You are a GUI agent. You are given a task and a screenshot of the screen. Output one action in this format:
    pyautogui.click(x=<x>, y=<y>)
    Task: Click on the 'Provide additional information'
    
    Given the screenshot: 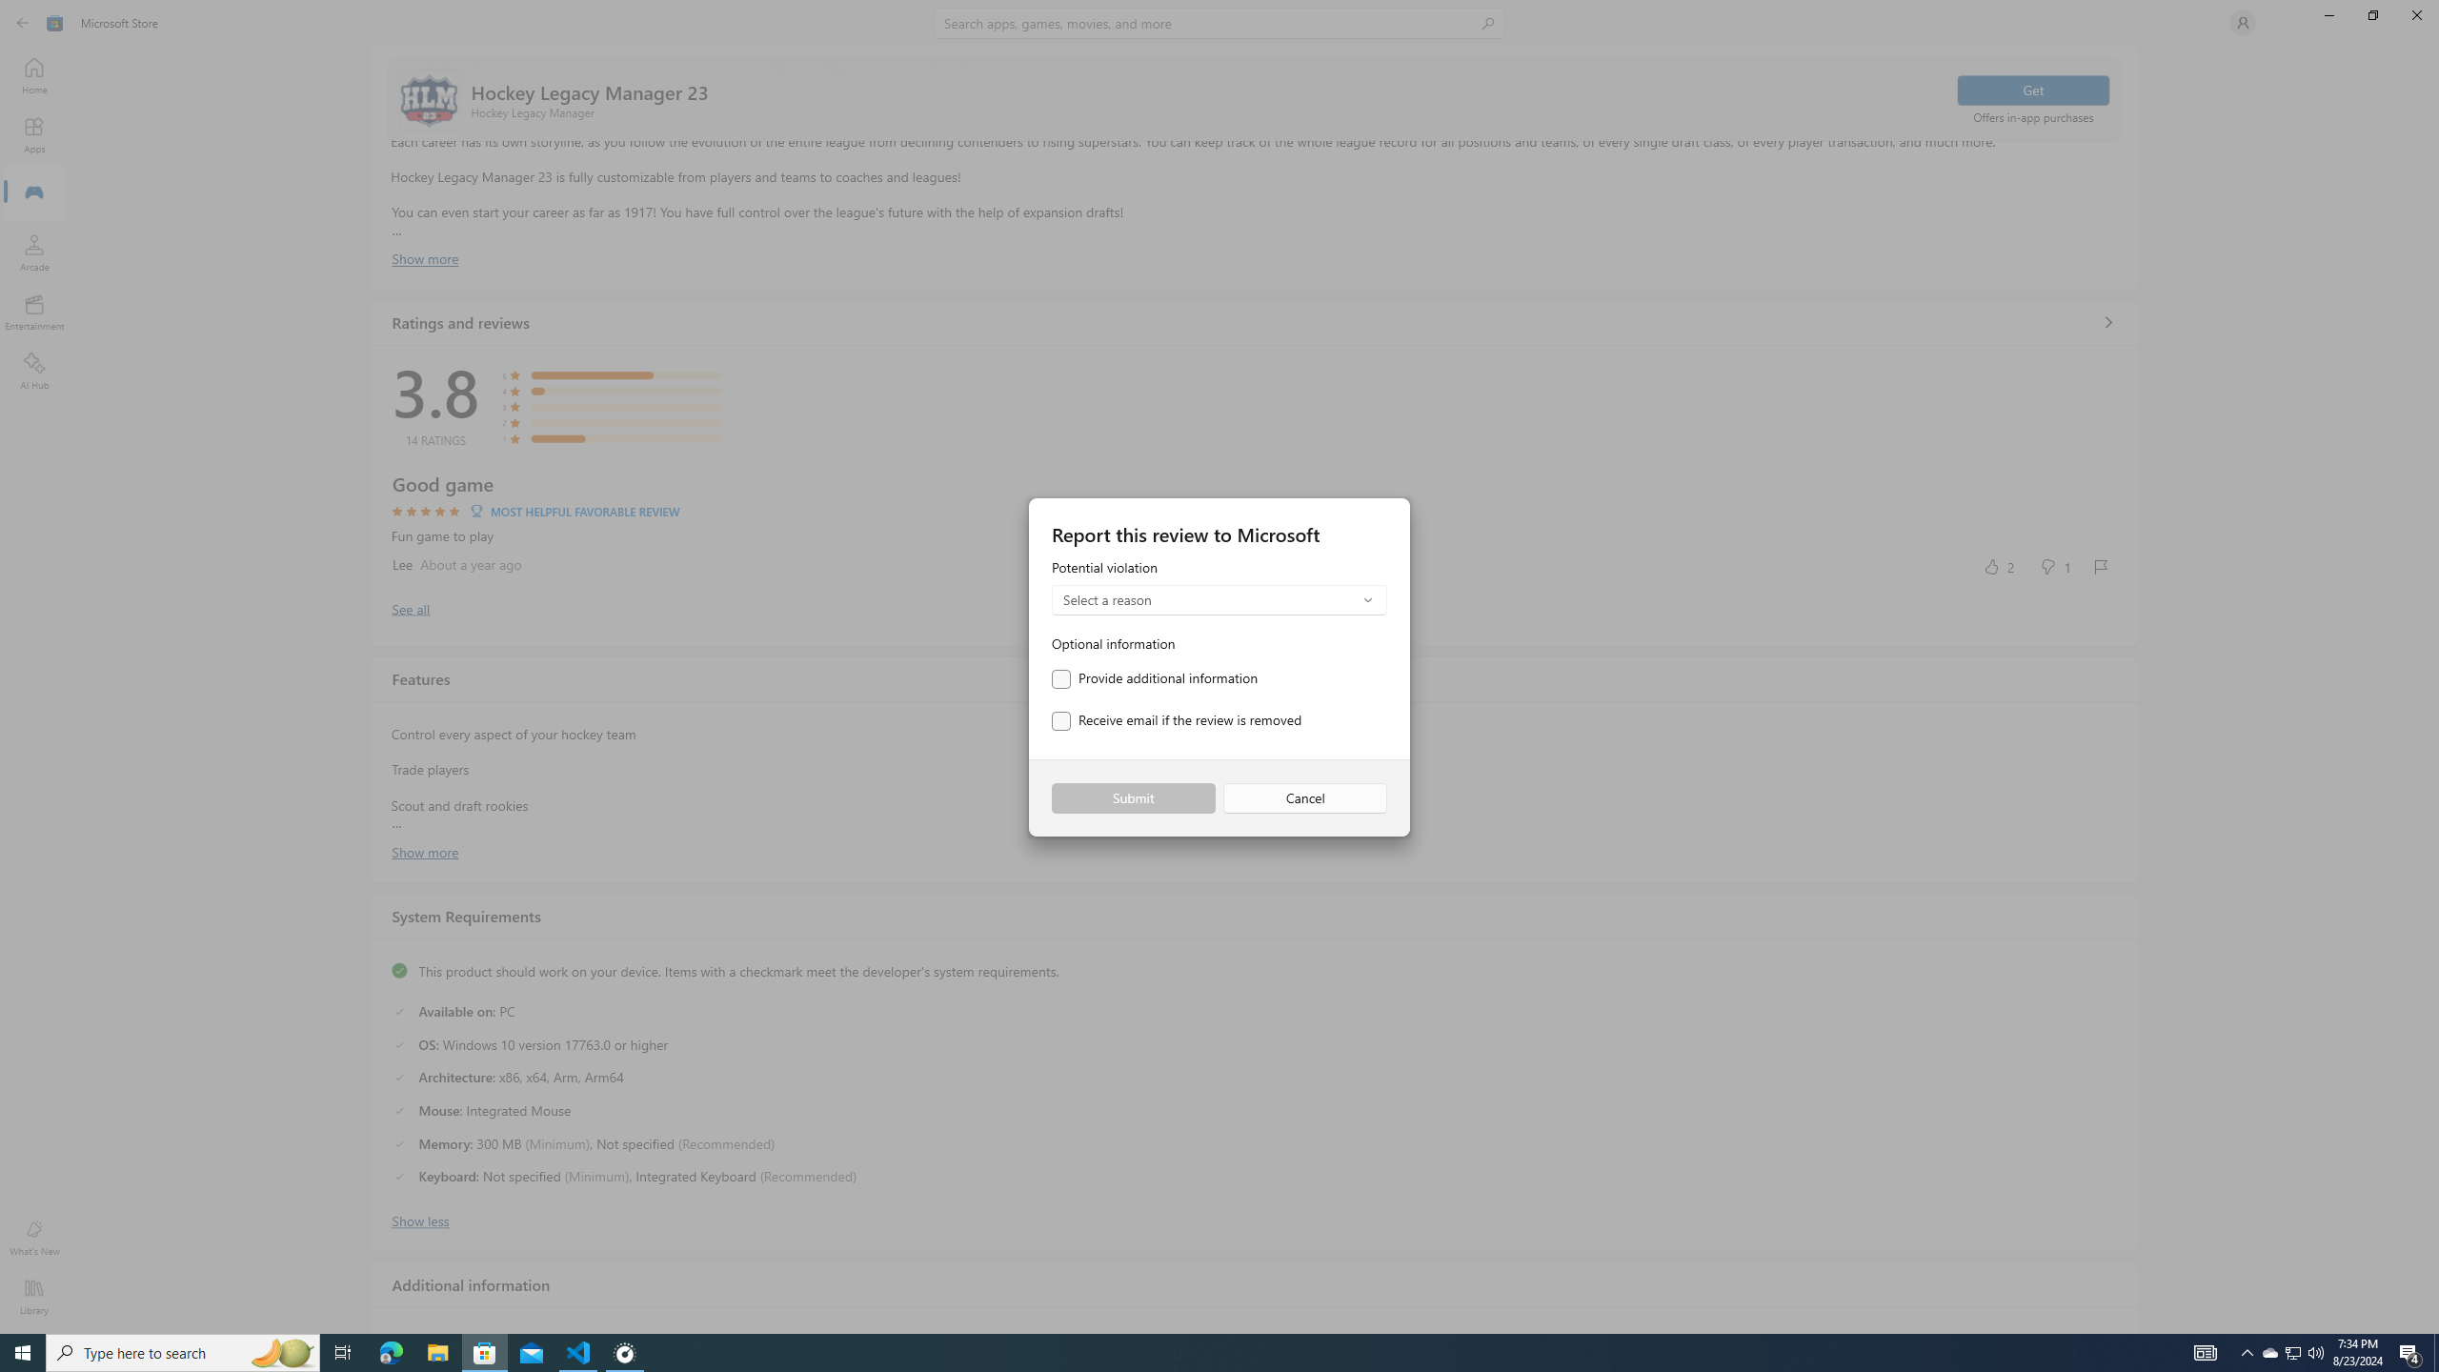 What is the action you would take?
    pyautogui.click(x=1154, y=678)
    